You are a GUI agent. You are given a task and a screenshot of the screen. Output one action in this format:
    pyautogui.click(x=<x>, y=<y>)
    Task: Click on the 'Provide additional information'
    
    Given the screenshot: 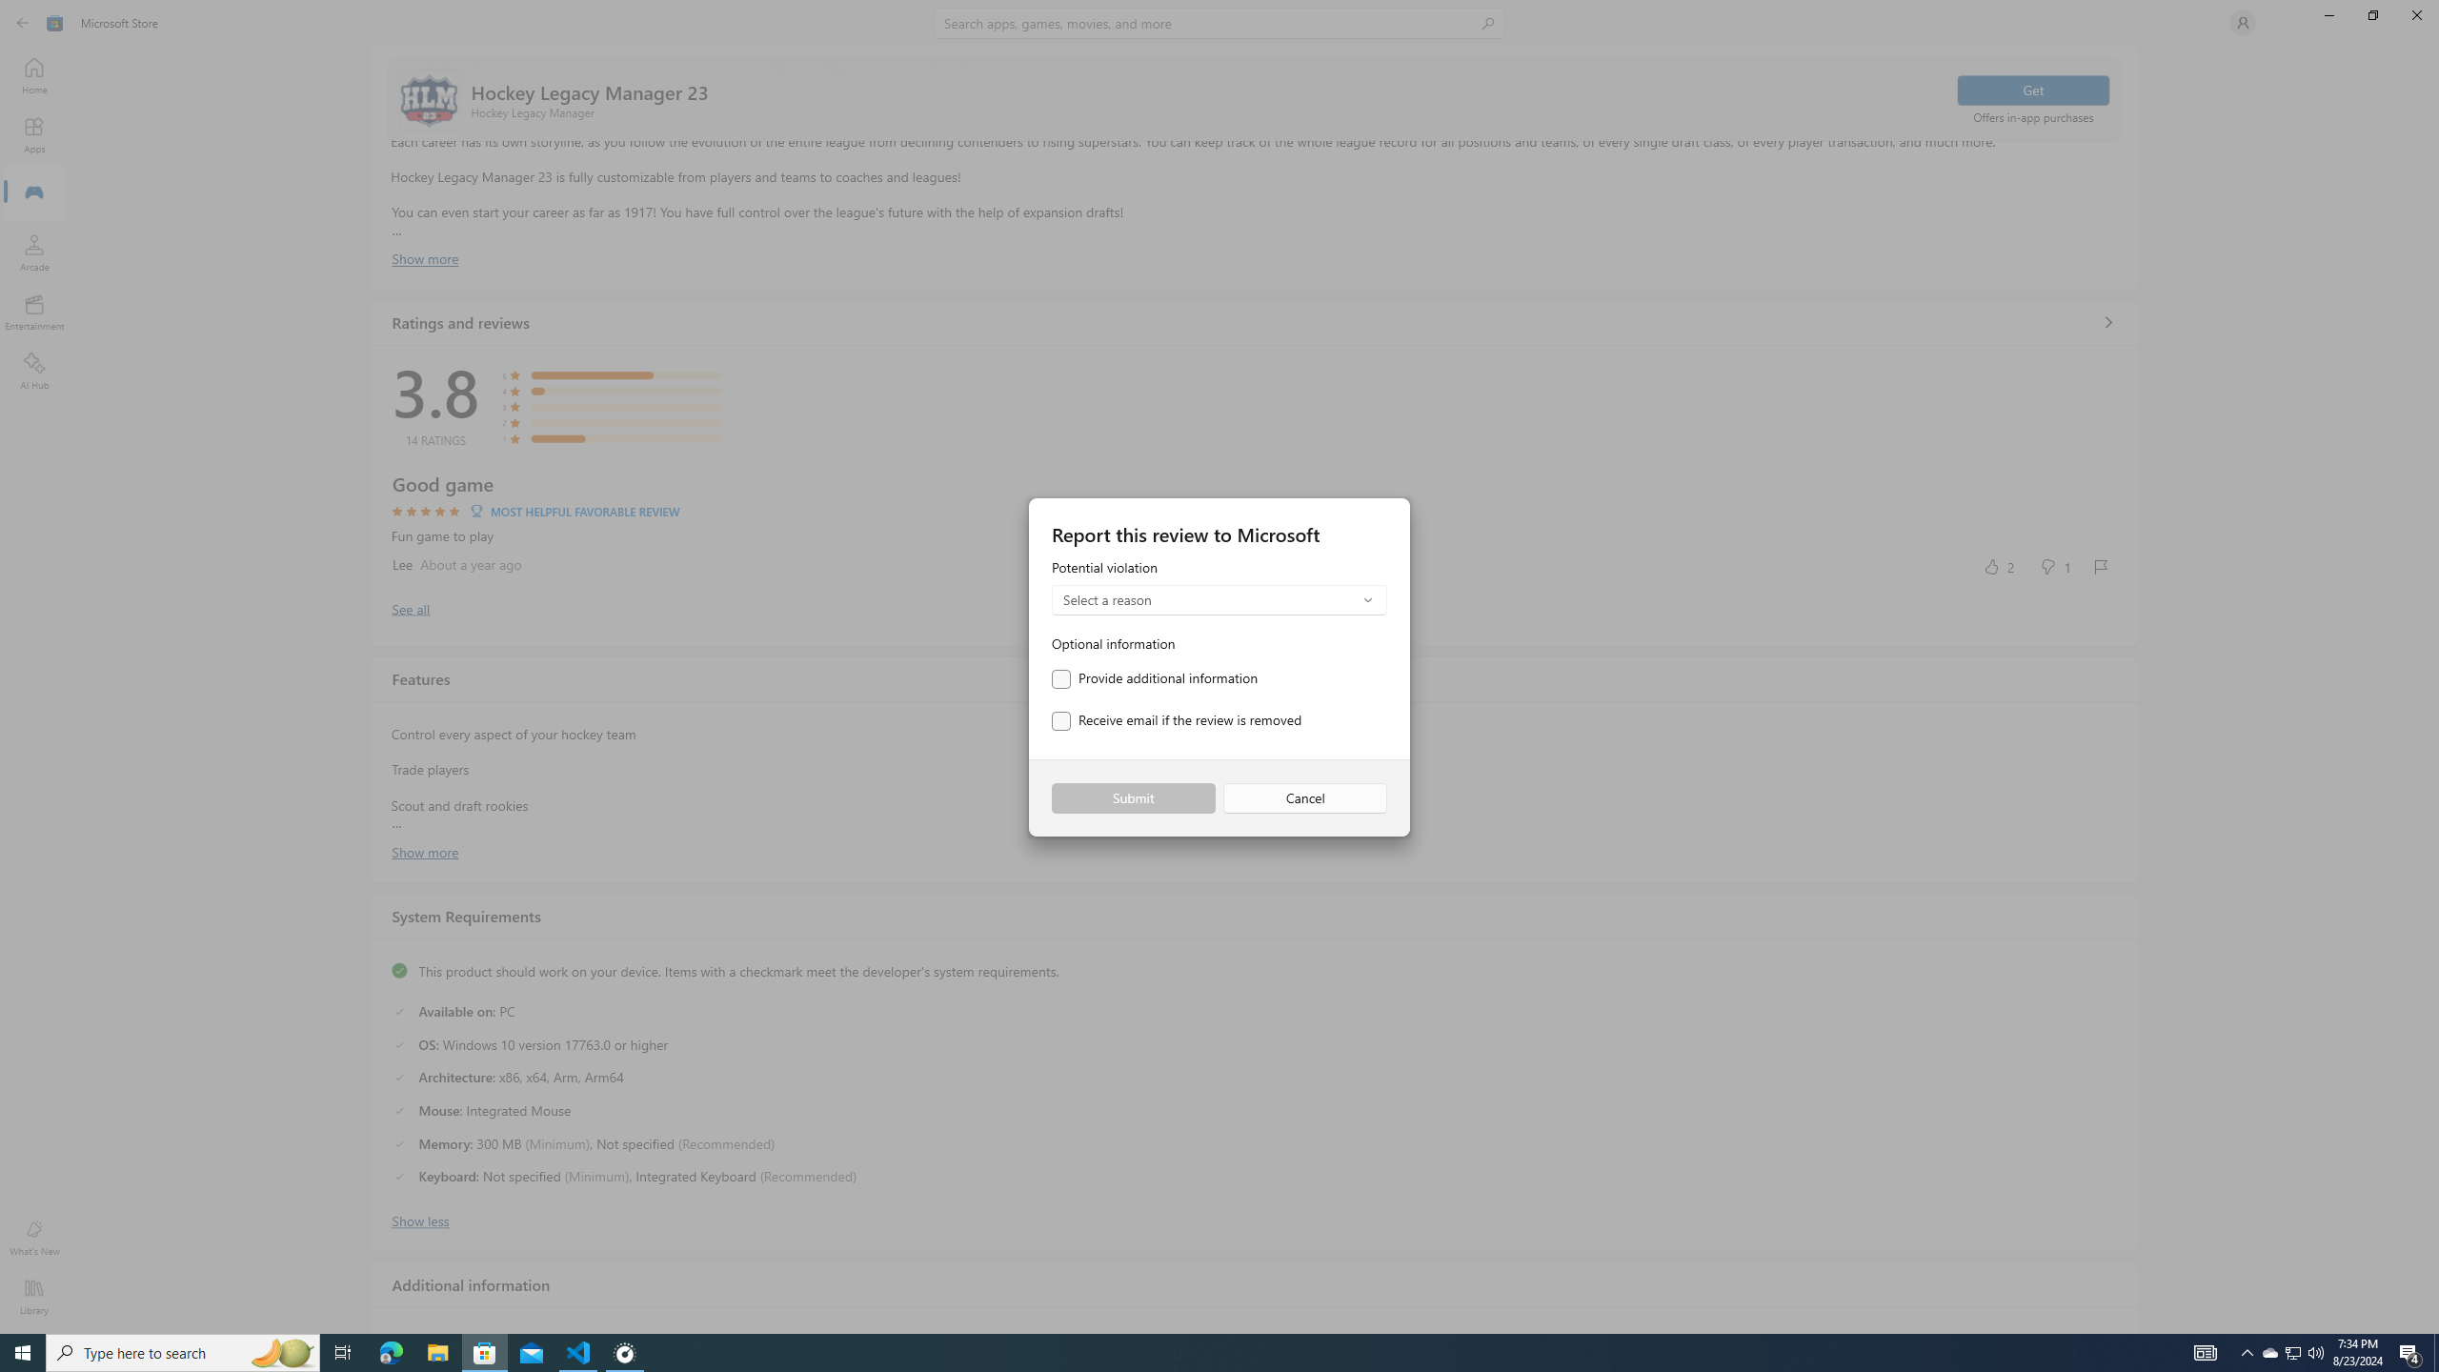 What is the action you would take?
    pyautogui.click(x=1154, y=678)
    